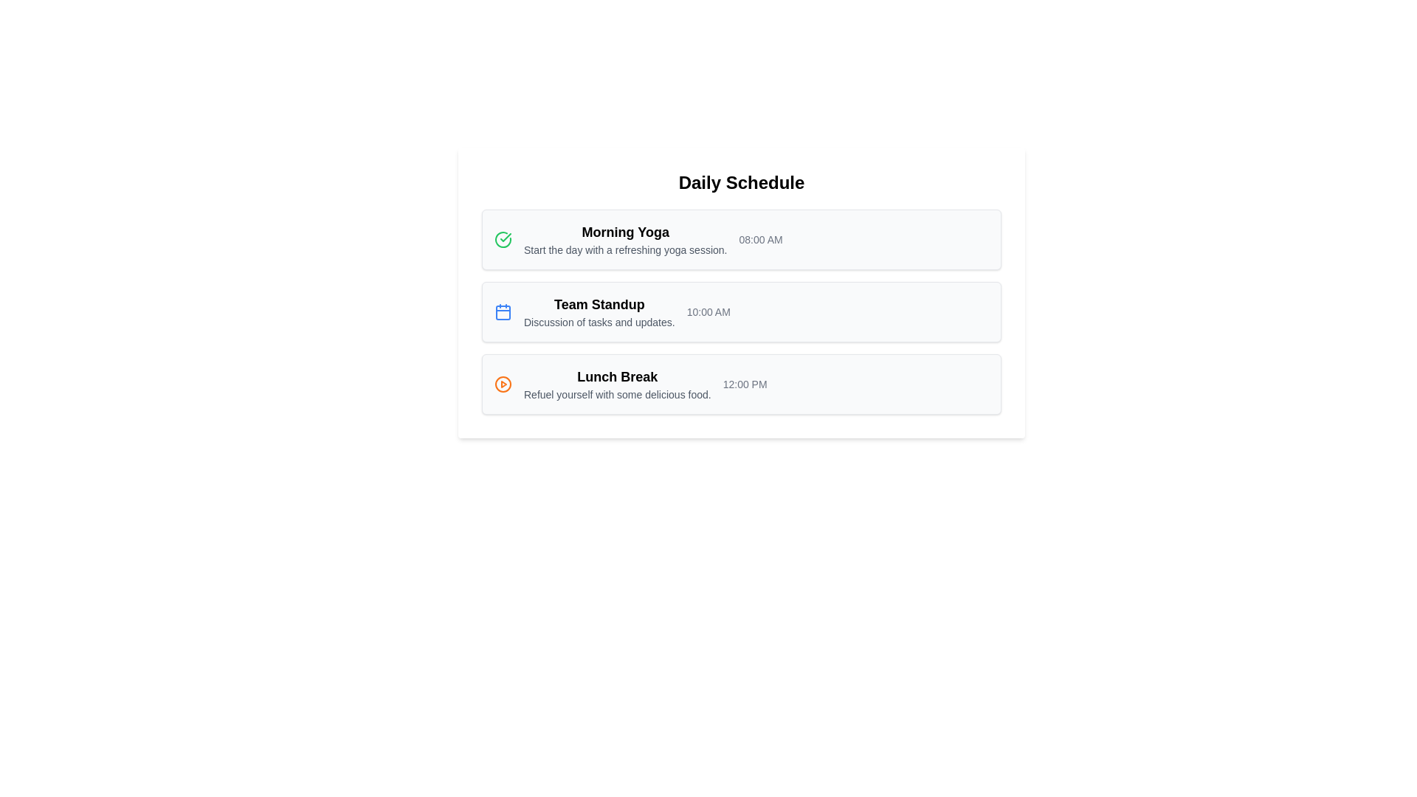  What do you see at coordinates (599, 311) in the screenshot?
I see `the Text Block that provides the title and description of the 'Team Standup' event, which is positioned between 'Morning Yoga' and 'Lunch Break' in the Daily Schedule` at bounding box center [599, 311].